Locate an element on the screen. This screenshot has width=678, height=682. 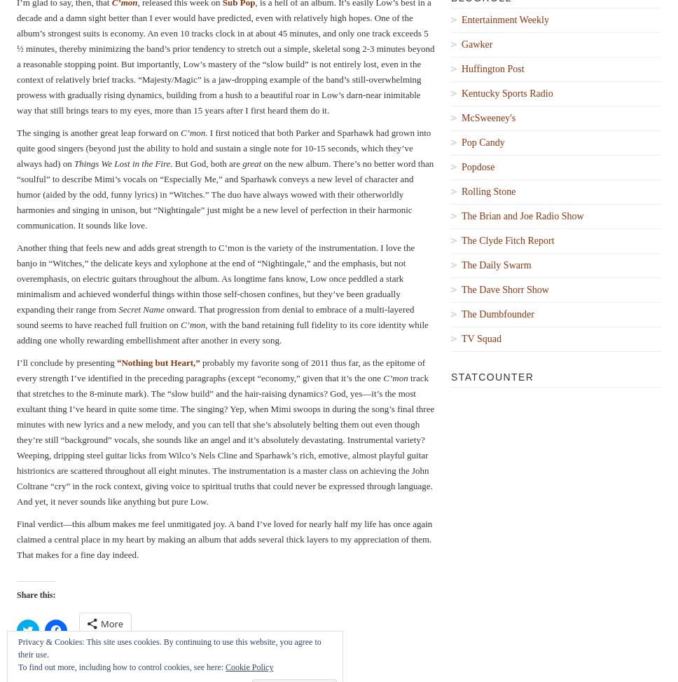
'Another thing that feels new and adds great strength to C’mon is the variety of the instrumentation. I love the banjo in “Witches,” the delicate keys and xylophone at the end of “Nightingale,” and the emphasis, but not overemphasis, on electric guitars throughout the album. As longtime fans know, Low once peddled a stark minimalism and achieved wonderful things within those self-chosen confines, but they’ve been gradually expanding their range from' is located at coordinates (215, 277).